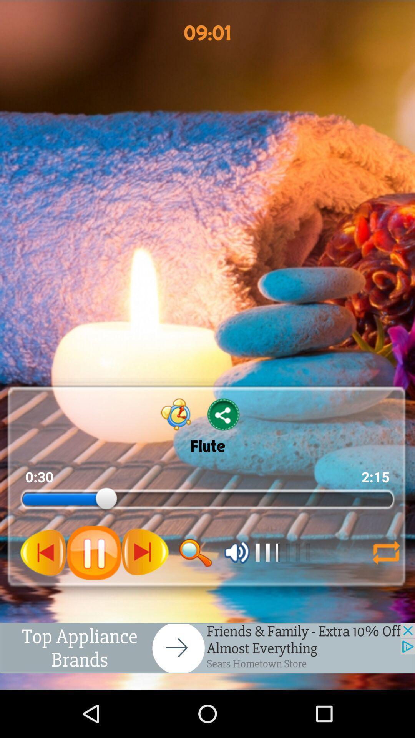  Describe the element at coordinates (224, 414) in the screenshot. I see `share the content` at that location.